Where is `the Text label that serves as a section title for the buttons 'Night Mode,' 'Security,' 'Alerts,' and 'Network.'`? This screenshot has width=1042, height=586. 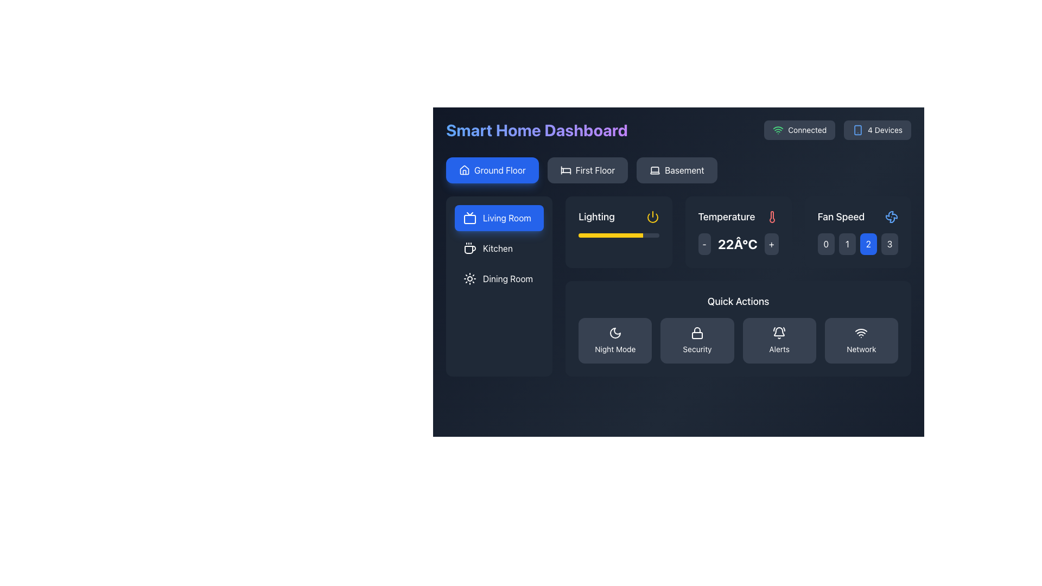 the Text label that serves as a section title for the buttons 'Night Mode,' 'Security,' 'Alerts,' and 'Network.' is located at coordinates (738, 301).